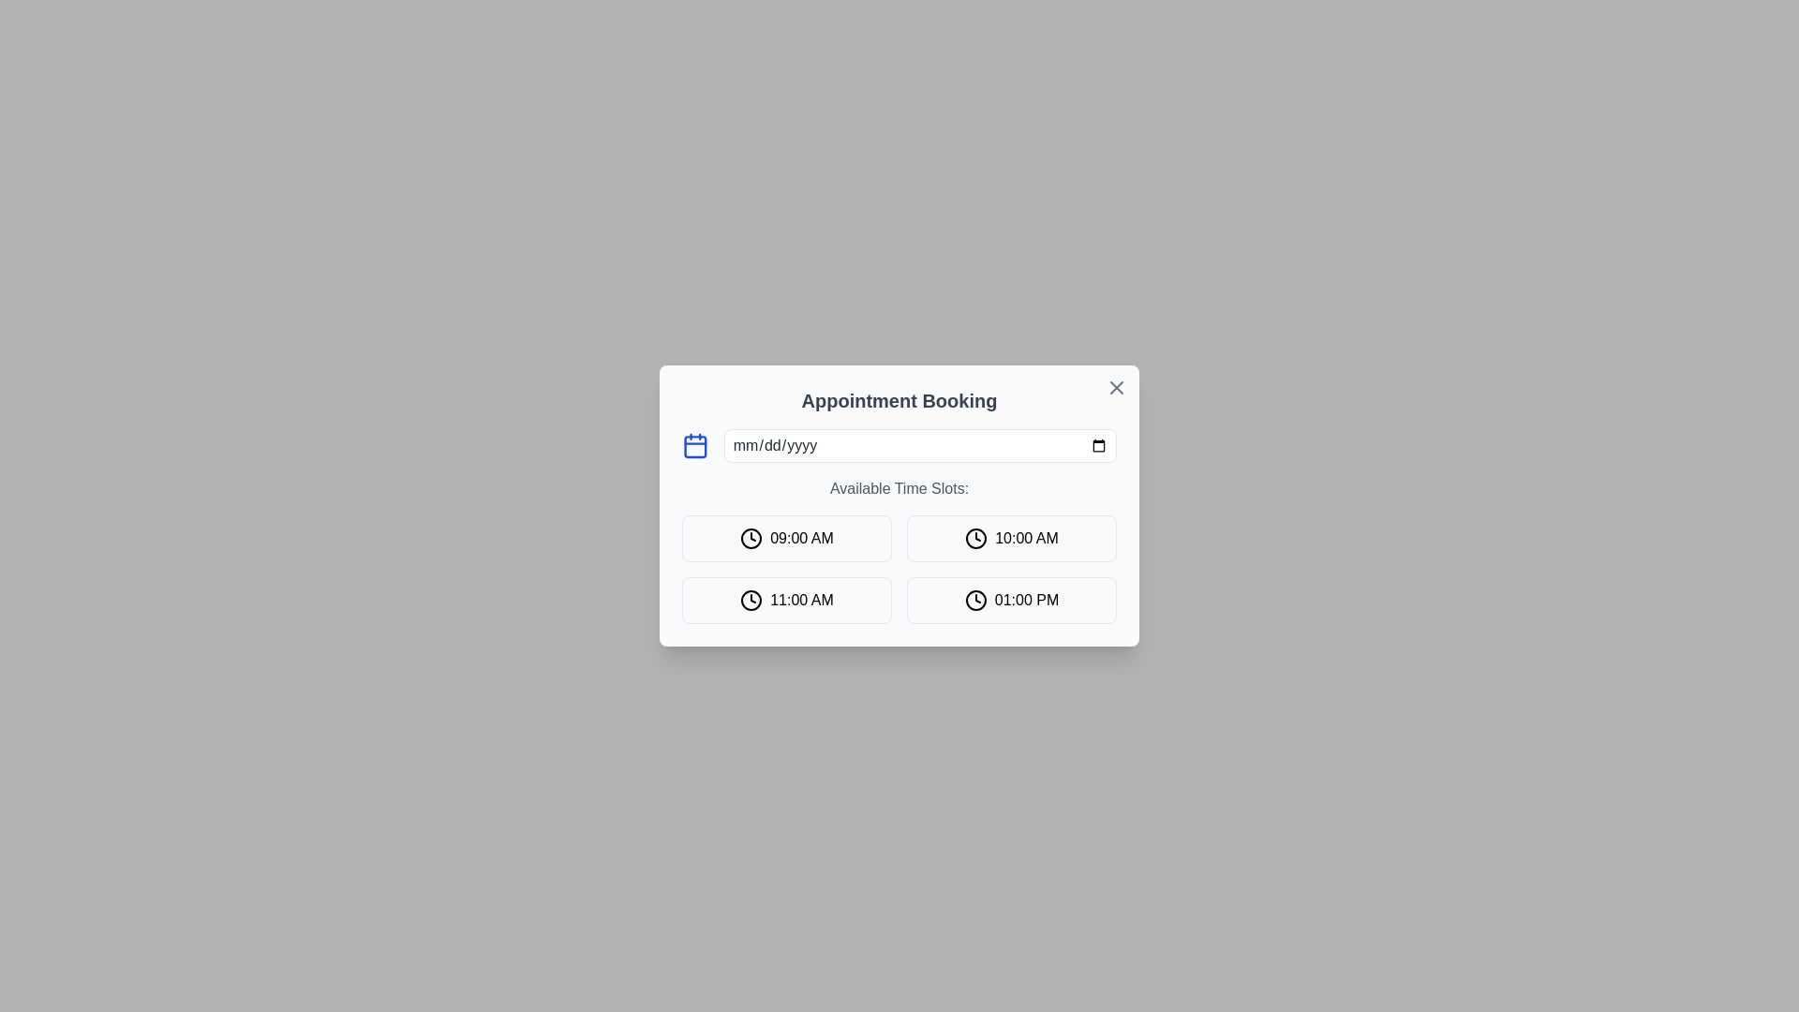 This screenshot has width=1799, height=1012. Describe the element at coordinates (751, 600) in the screenshot. I see `the small clock icon, which is styled with a minimal outline and is located within the button displaying '11:00 AM', the third in a list of four time slot buttons` at that location.